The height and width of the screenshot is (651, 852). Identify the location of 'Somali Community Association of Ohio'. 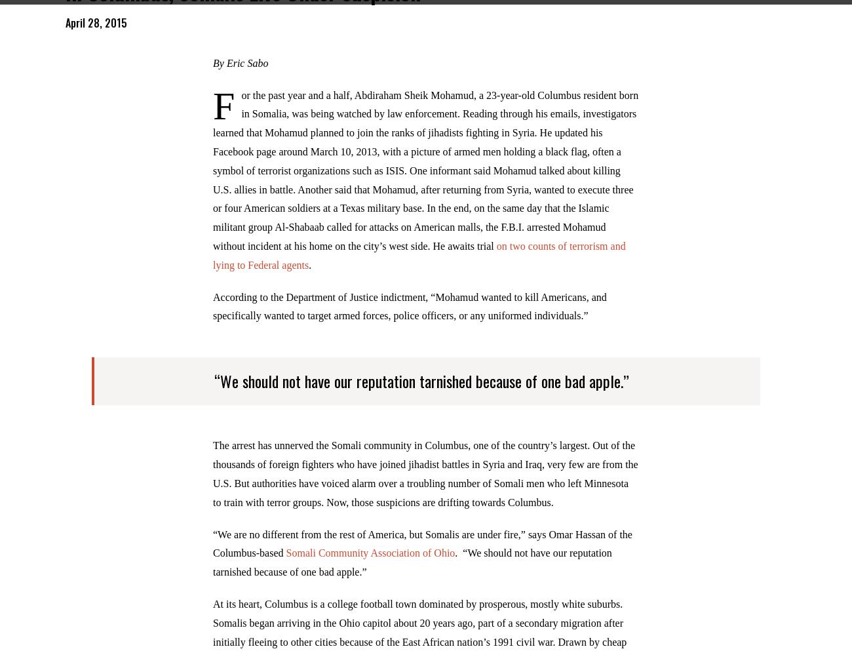
(369, 561).